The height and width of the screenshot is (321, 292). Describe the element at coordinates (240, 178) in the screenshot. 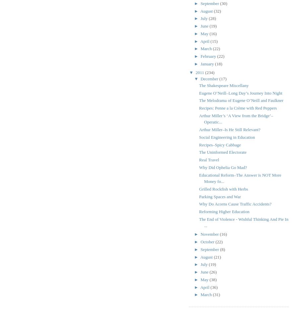

I see `'Educational Reform–The Answer is NOT More Money fo...'` at that location.